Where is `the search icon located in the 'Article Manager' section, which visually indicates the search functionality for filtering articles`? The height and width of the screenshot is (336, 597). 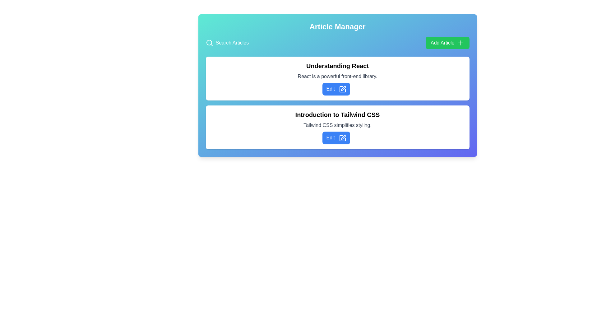 the search icon located in the 'Article Manager' section, which visually indicates the search functionality for filtering articles is located at coordinates (209, 43).